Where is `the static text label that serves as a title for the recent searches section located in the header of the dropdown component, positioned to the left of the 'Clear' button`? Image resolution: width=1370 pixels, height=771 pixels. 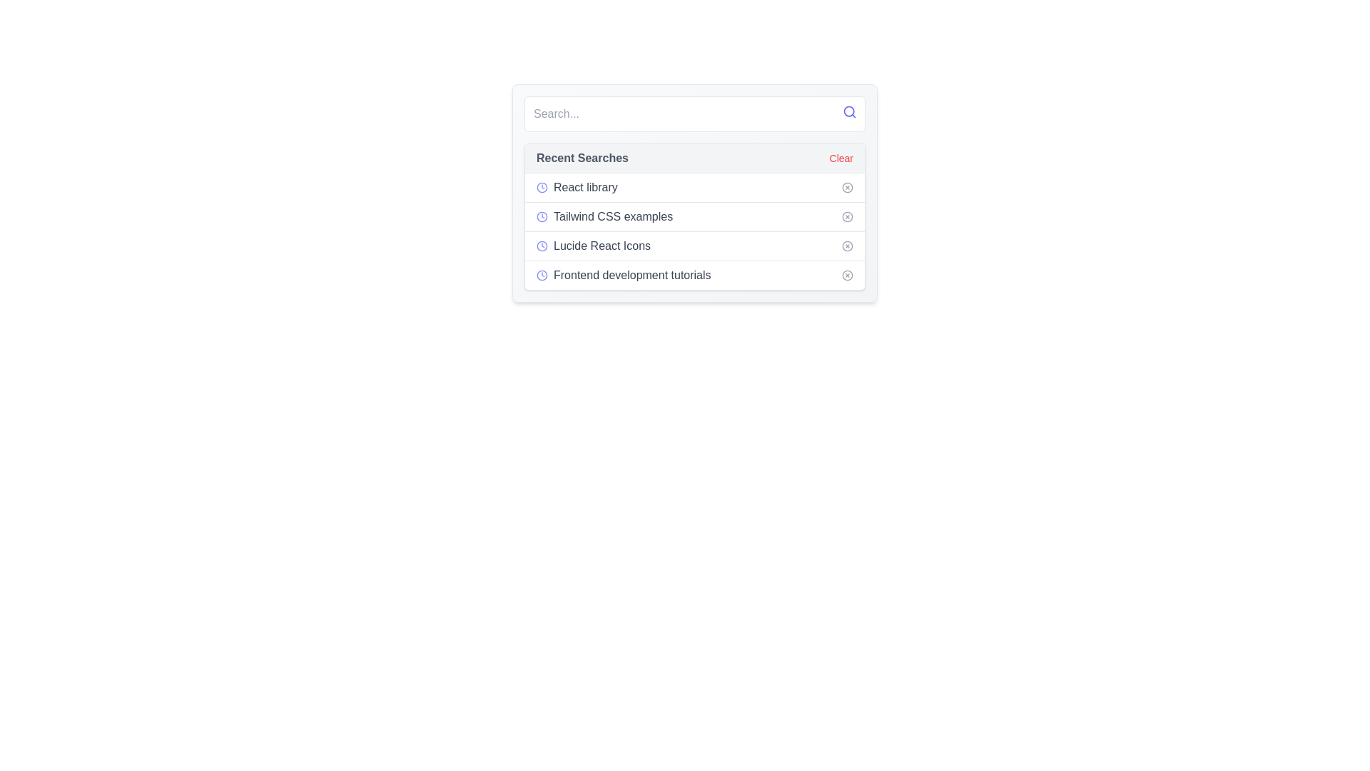
the static text label that serves as a title for the recent searches section located in the header of the dropdown component, positioned to the left of the 'Clear' button is located at coordinates (582, 158).